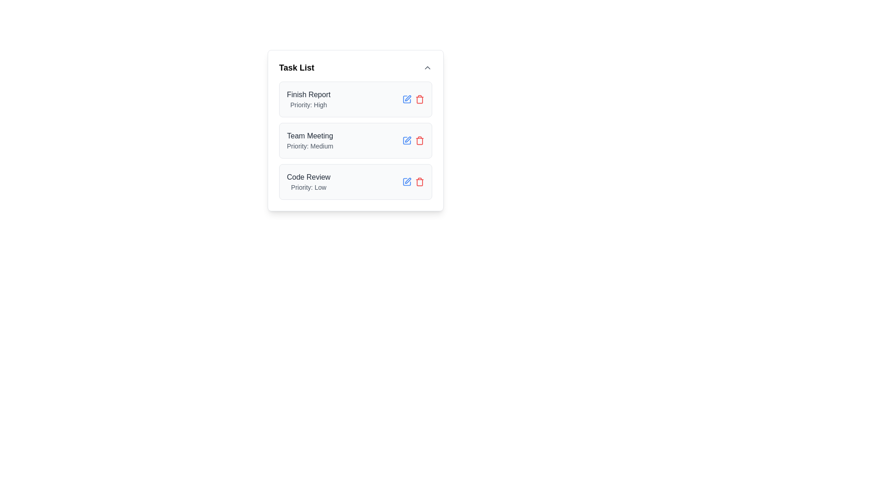  I want to click on the red trash can icon button located on the right side of the first task entry in the task list, so click(419, 99).